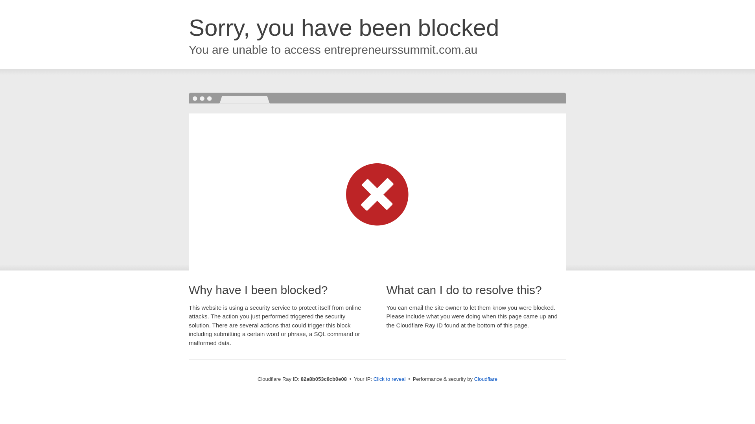 The width and height of the screenshot is (755, 424). What do you see at coordinates (373, 378) in the screenshot?
I see `'Click to reveal'` at bounding box center [373, 378].